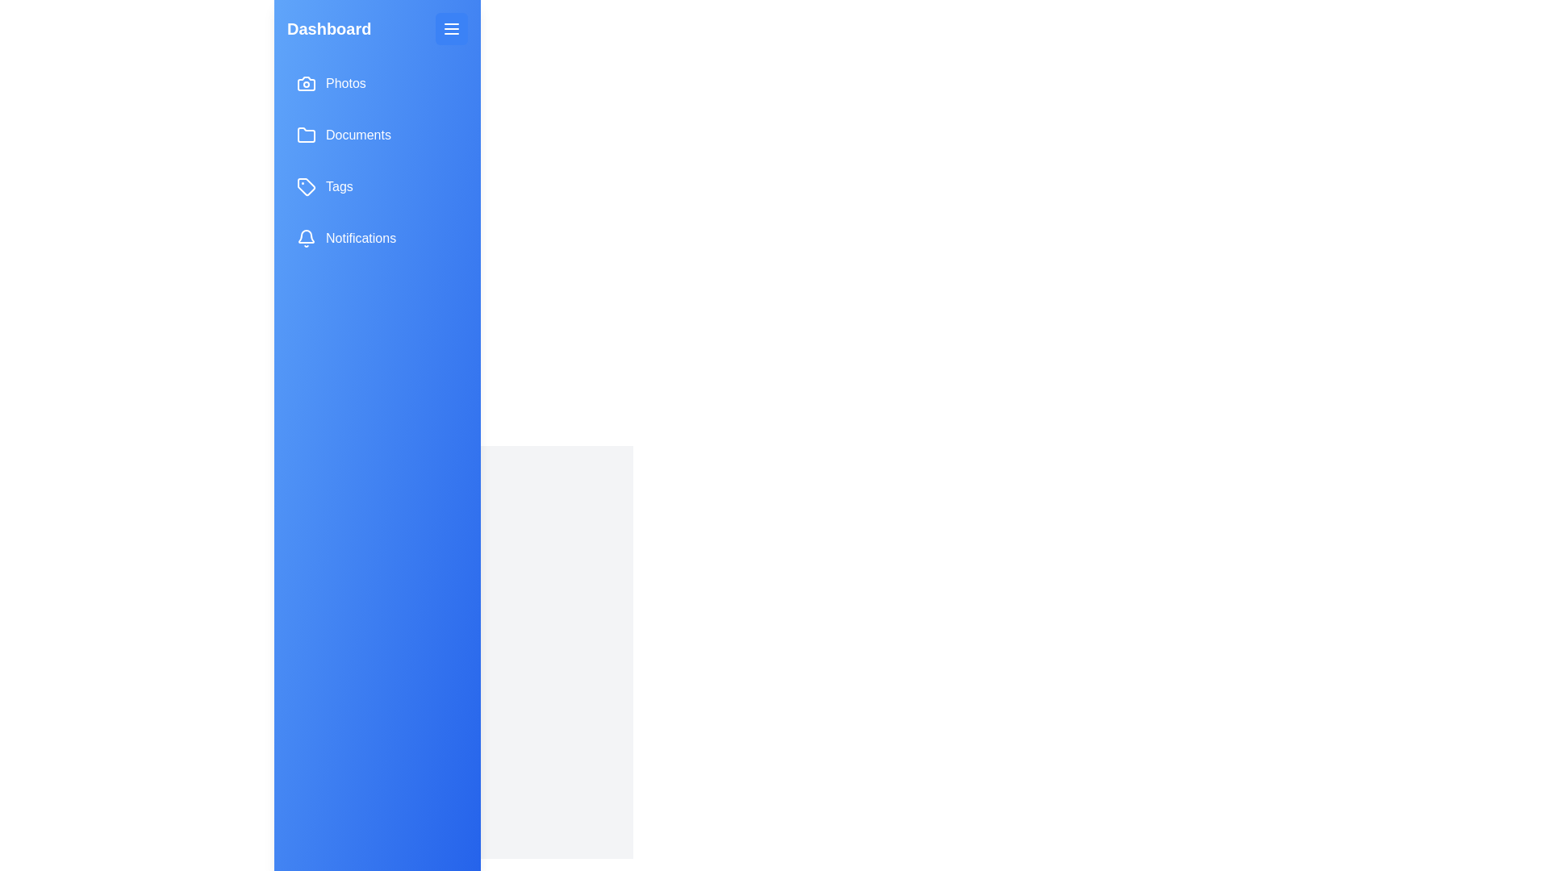 This screenshot has width=1549, height=871. Describe the element at coordinates (306, 239) in the screenshot. I see `the icon next to the menu item Notifications` at that location.